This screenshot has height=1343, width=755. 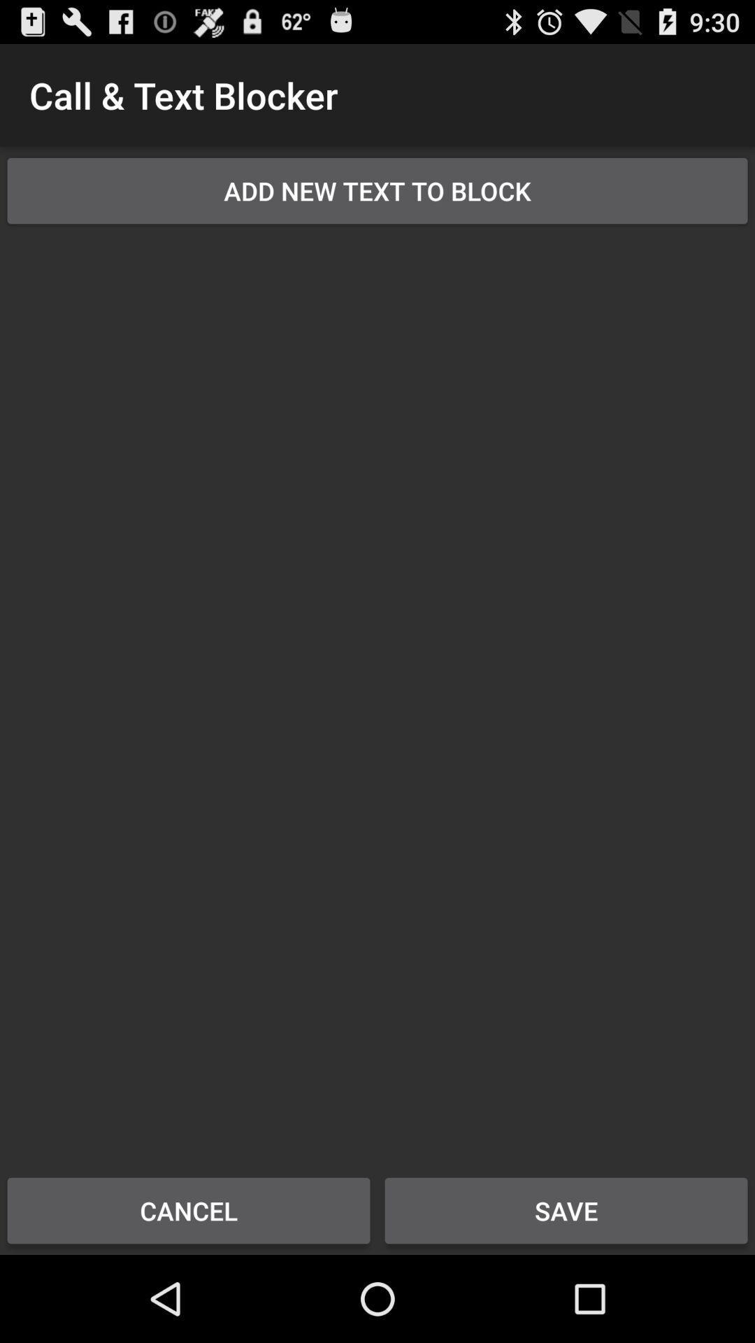 What do you see at coordinates (189, 1210) in the screenshot?
I see `cancel at the bottom left corner` at bounding box center [189, 1210].